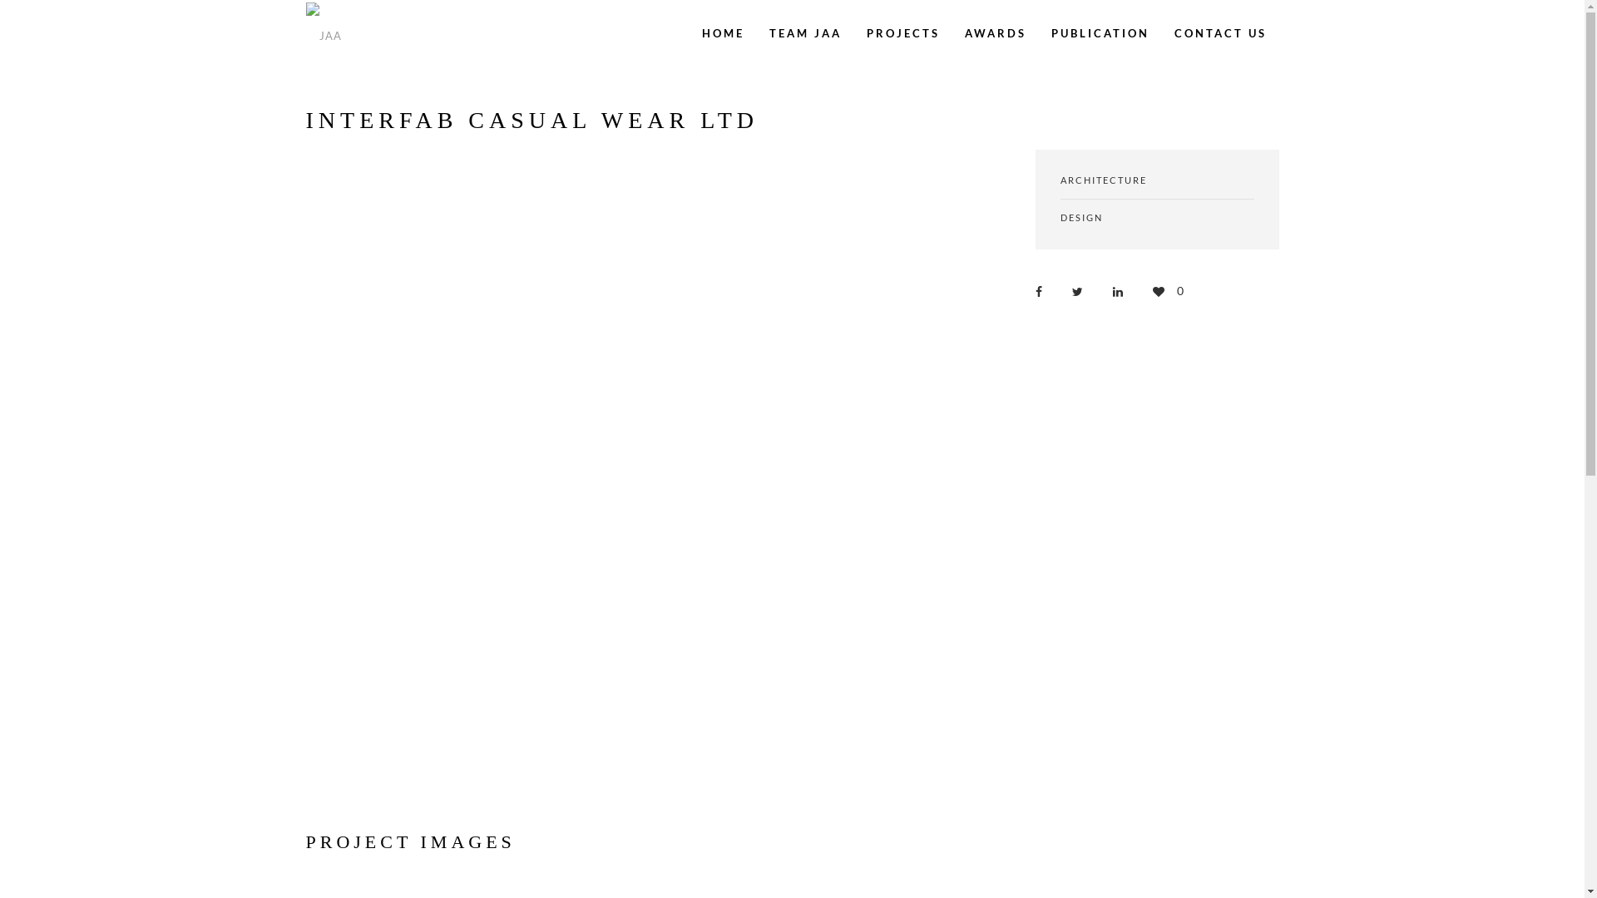  I want to click on 'JAA', so click(326, 32).